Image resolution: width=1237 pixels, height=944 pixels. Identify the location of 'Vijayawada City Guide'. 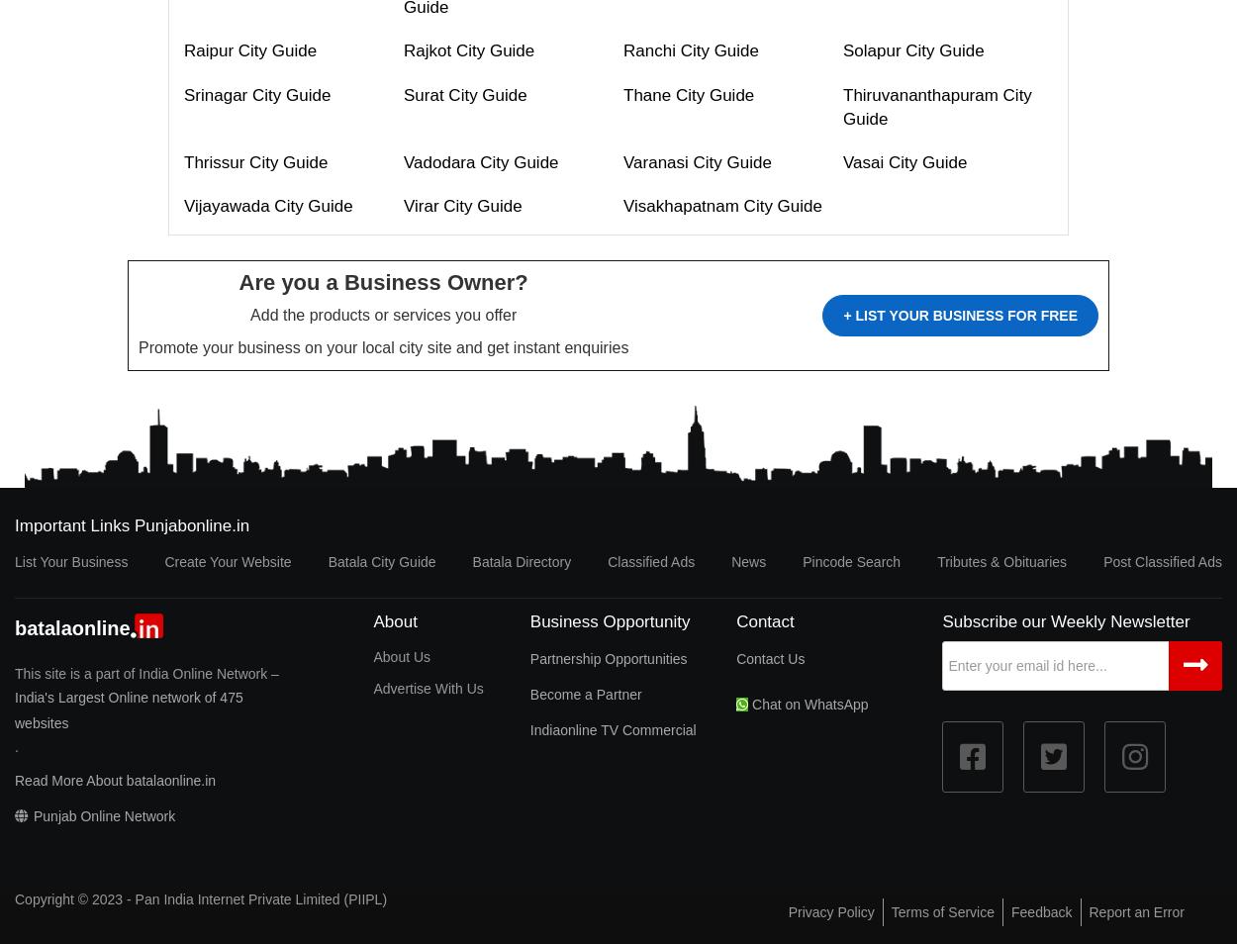
(268, 205).